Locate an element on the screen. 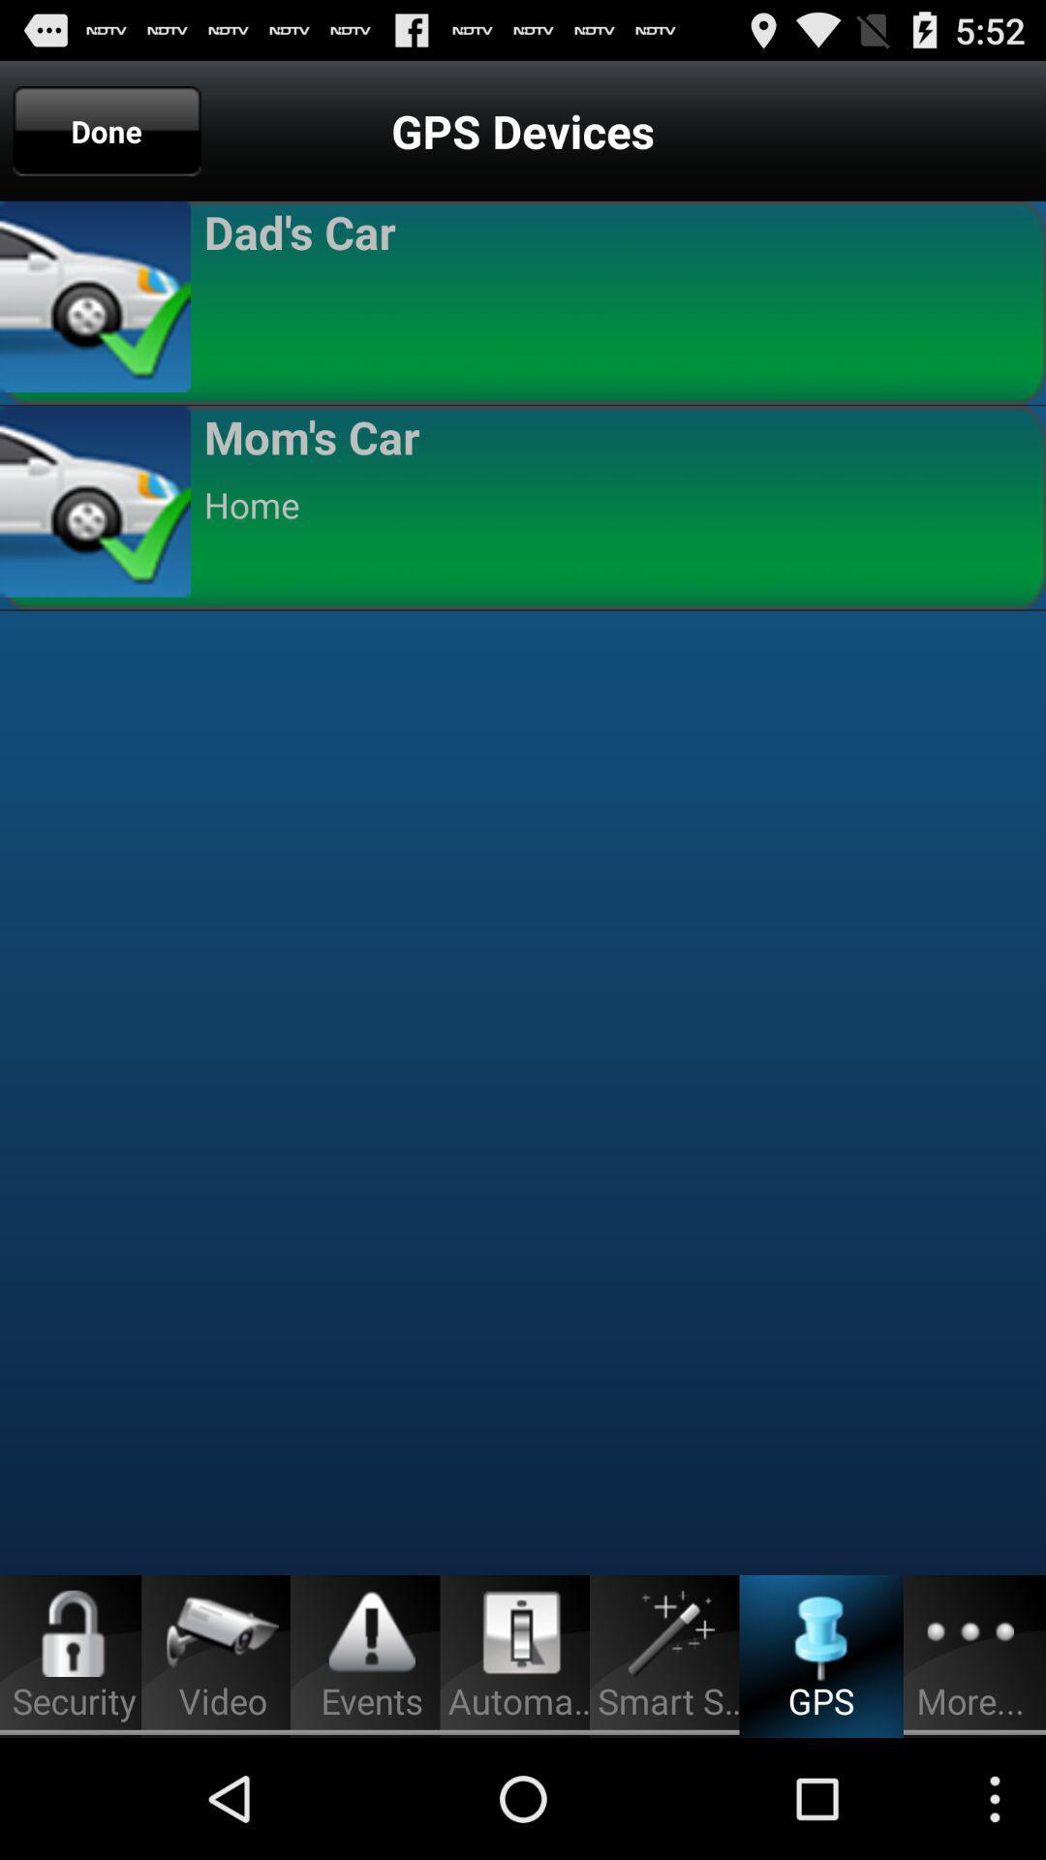  the home app is located at coordinates (616, 505).